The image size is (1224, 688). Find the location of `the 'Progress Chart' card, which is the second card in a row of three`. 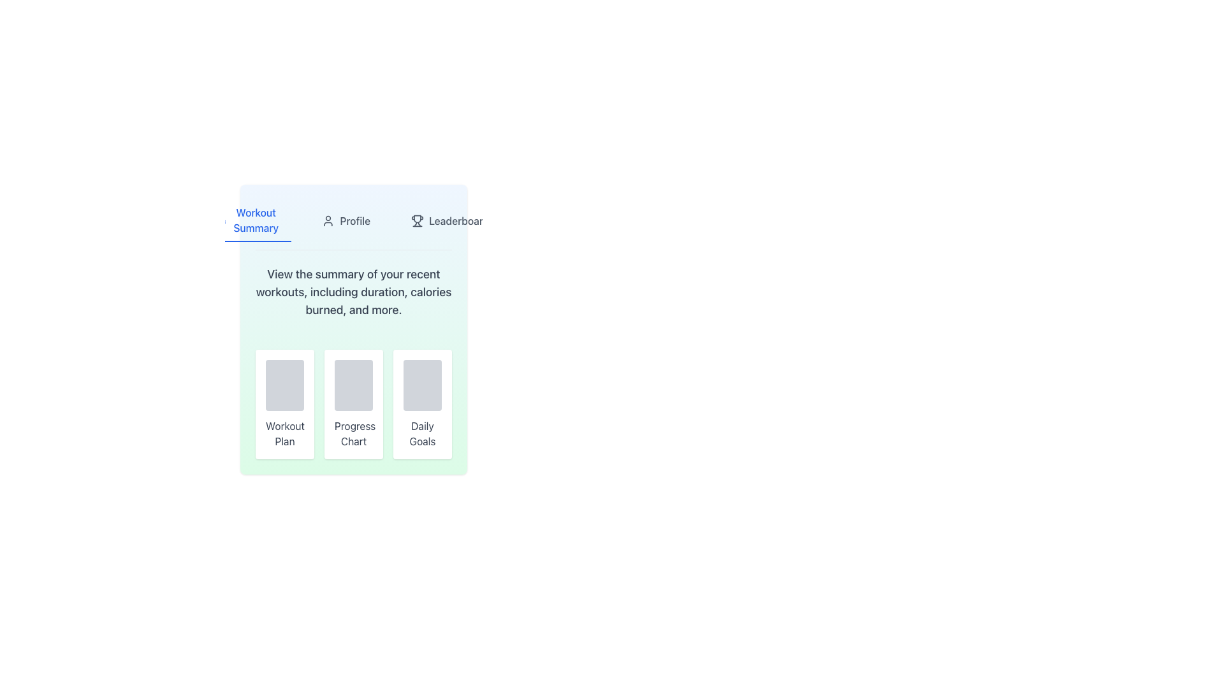

the 'Progress Chart' card, which is the second card in a row of three is located at coordinates (354, 405).